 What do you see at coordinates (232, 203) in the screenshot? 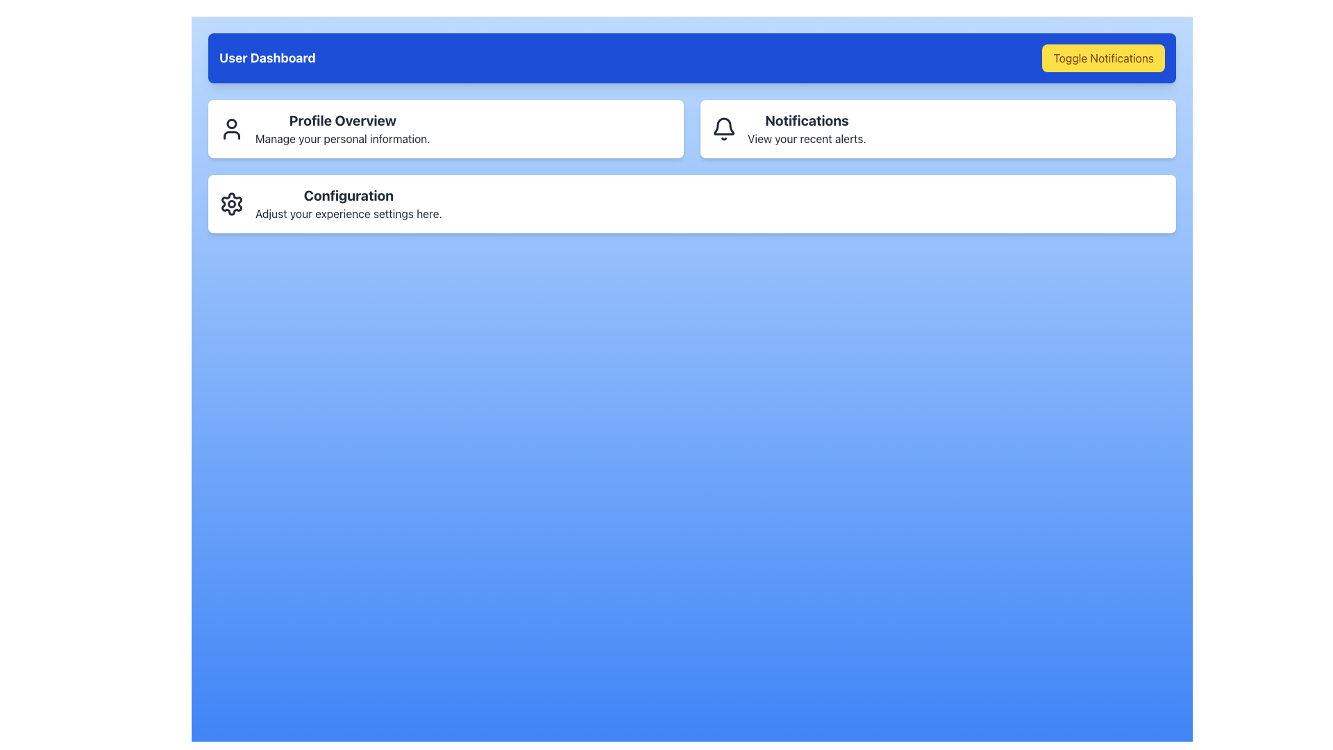
I see `the configuration icon located directly to the left of the 'Configuration' text` at bounding box center [232, 203].